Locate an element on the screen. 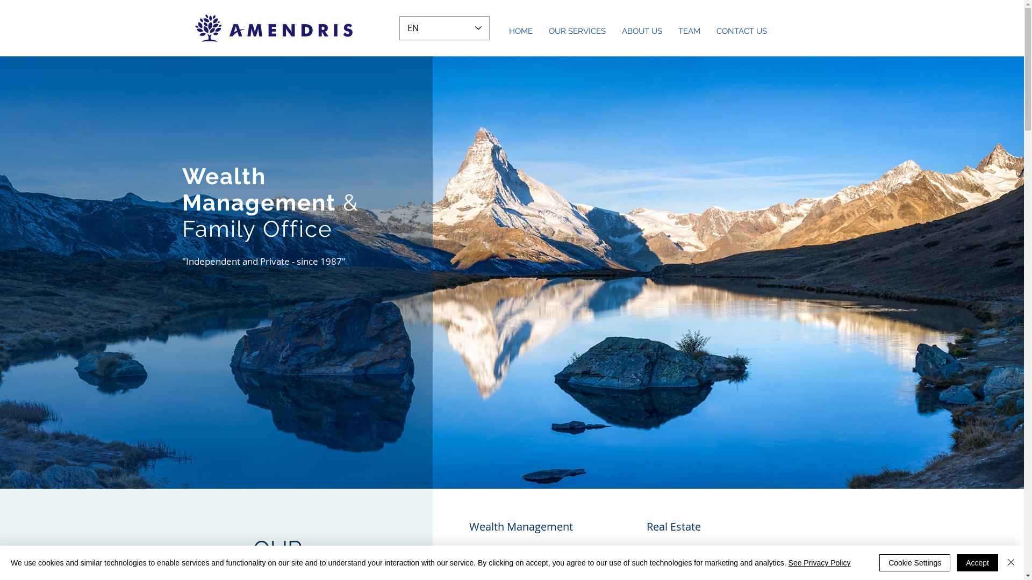 The height and width of the screenshot is (580, 1032). 'HOME' is located at coordinates (521, 30).